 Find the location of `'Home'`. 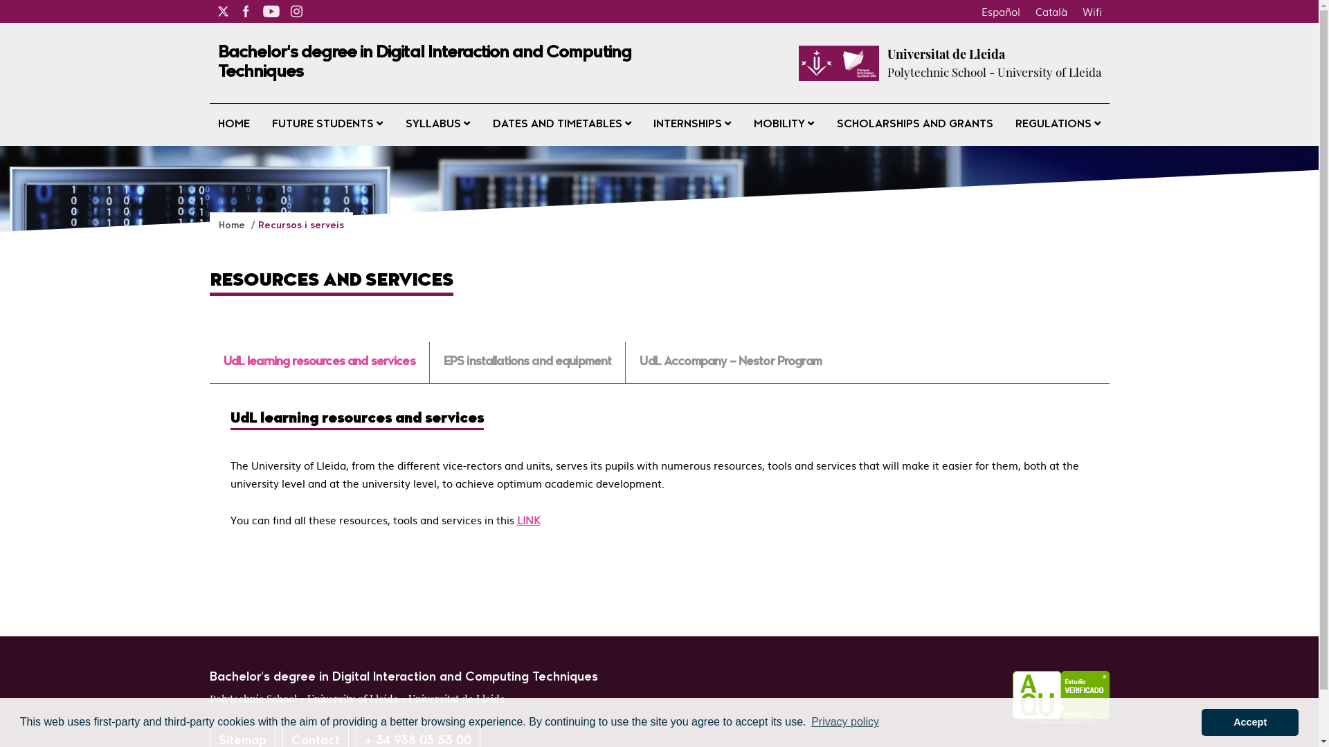

'Home' is located at coordinates (233, 225).